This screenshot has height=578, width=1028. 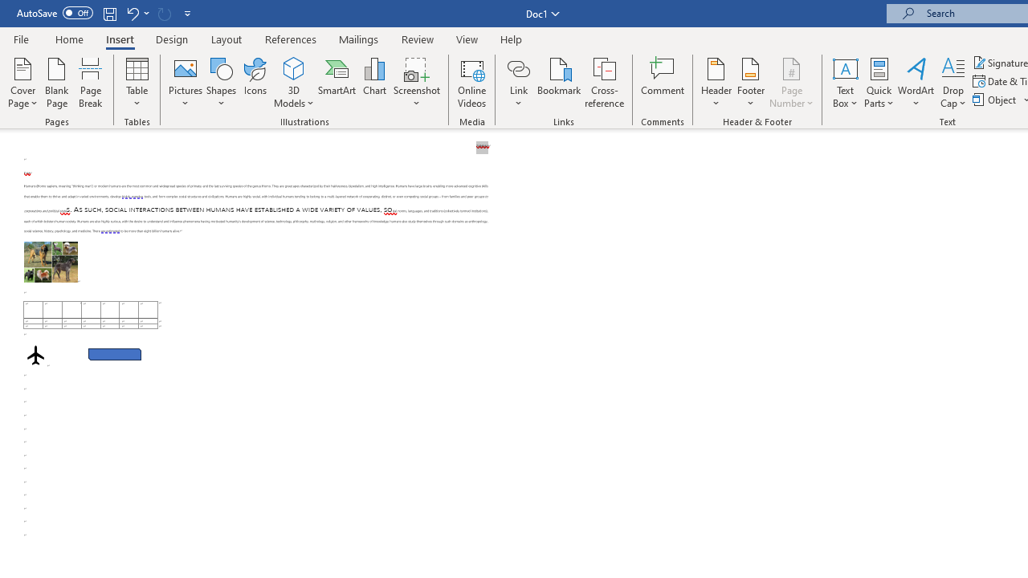 I want to click on 'Text Box', so click(x=844, y=83).